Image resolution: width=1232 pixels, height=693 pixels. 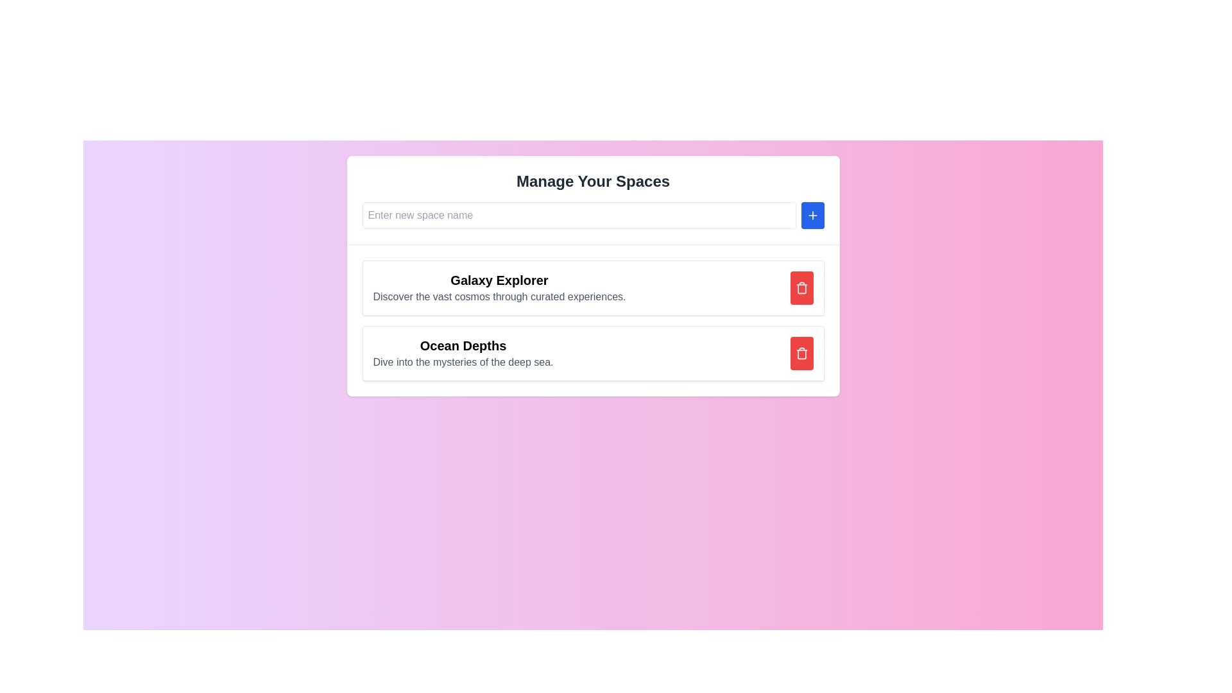 What do you see at coordinates (463, 354) in the screenshot?
I see `text block titled 'Ocean Depths' which provides a description of its category or section, located in the second card under 'Manage Your Spaces.'` at bounding box center [463, 354].